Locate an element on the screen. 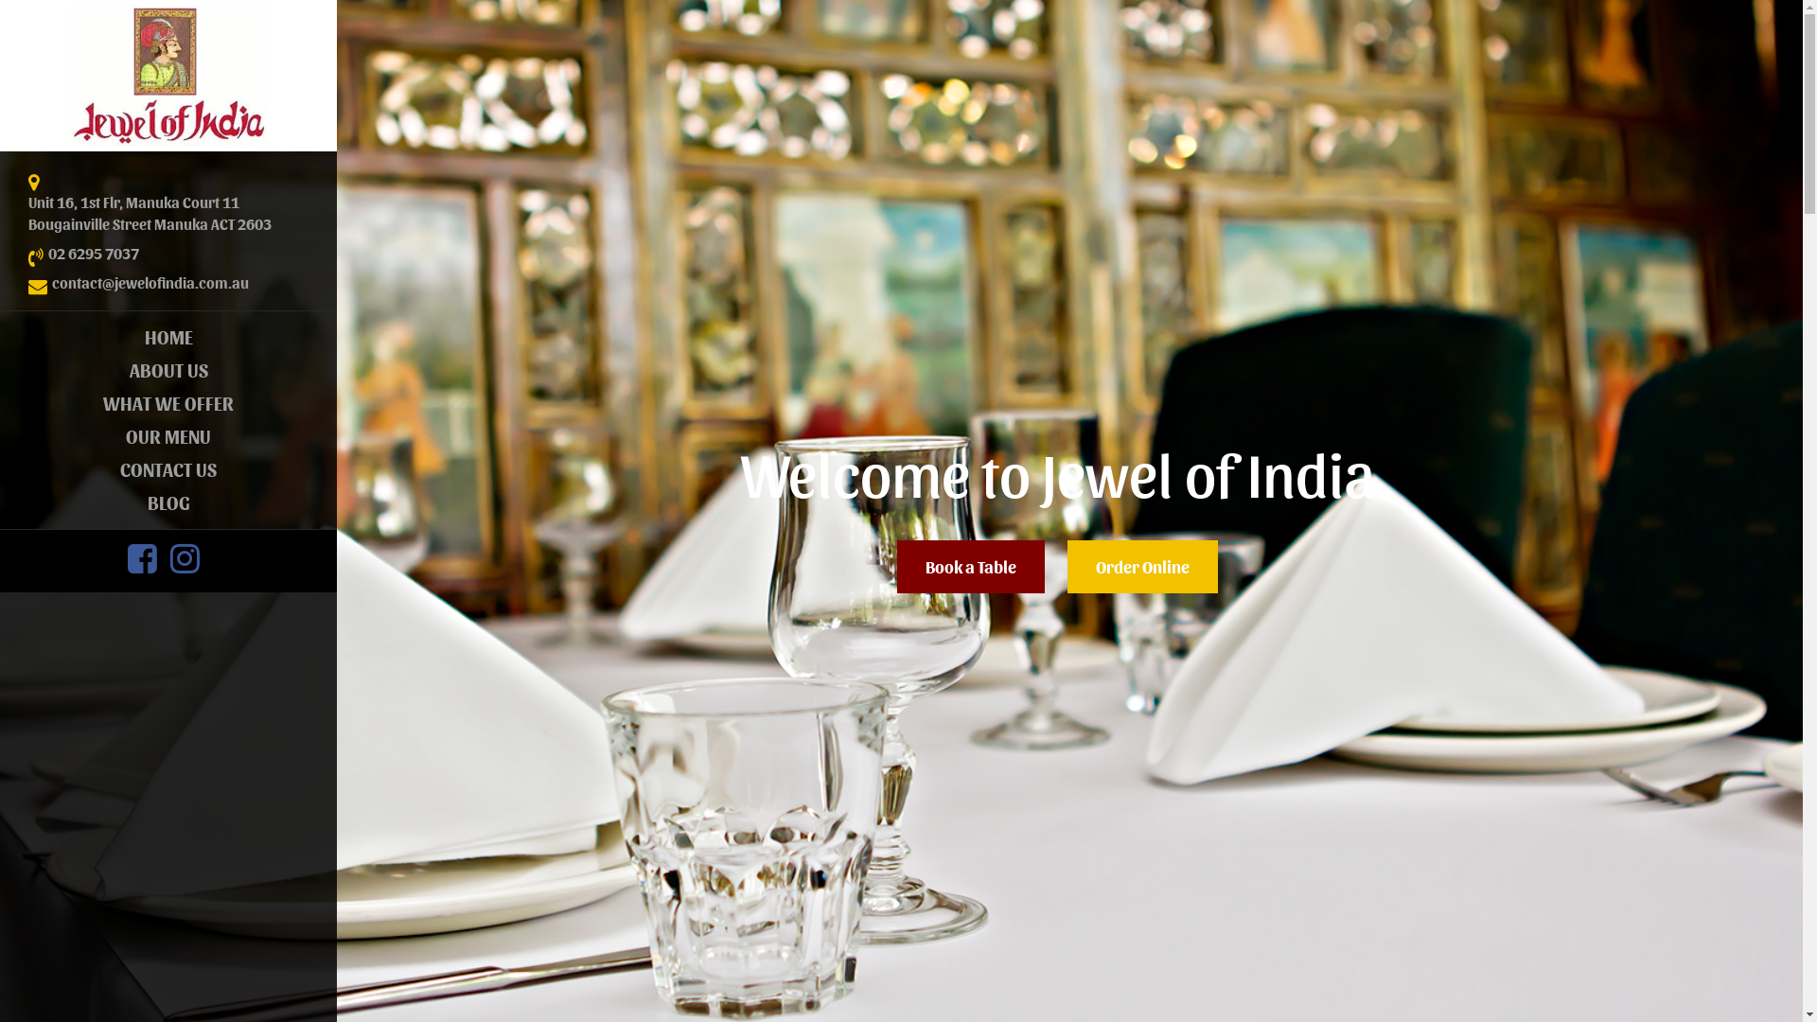  'WHAT WE OFFER' is located at coordinates (0, 402).